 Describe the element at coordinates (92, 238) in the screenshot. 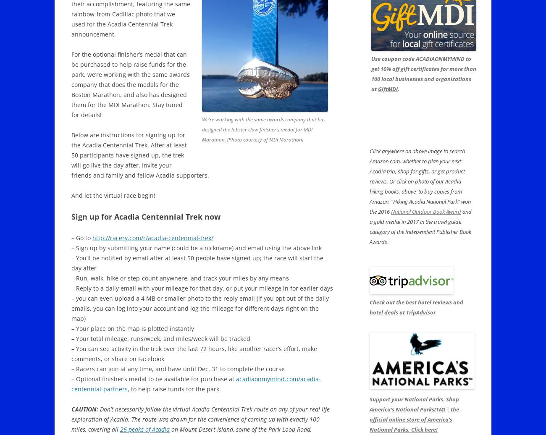

I see `'http://racery.com/r/acadia-centennial-trek/'` at that location.